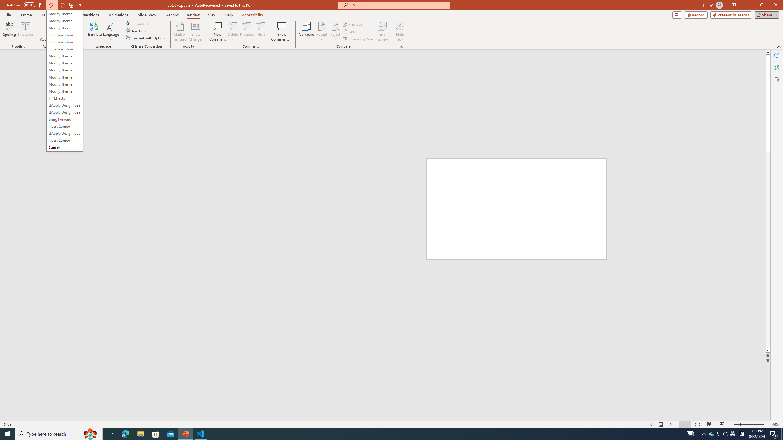  Describe the element at coordinates (671, 424) in the screenshot. I see `'Slide Show Next On'` at that location.